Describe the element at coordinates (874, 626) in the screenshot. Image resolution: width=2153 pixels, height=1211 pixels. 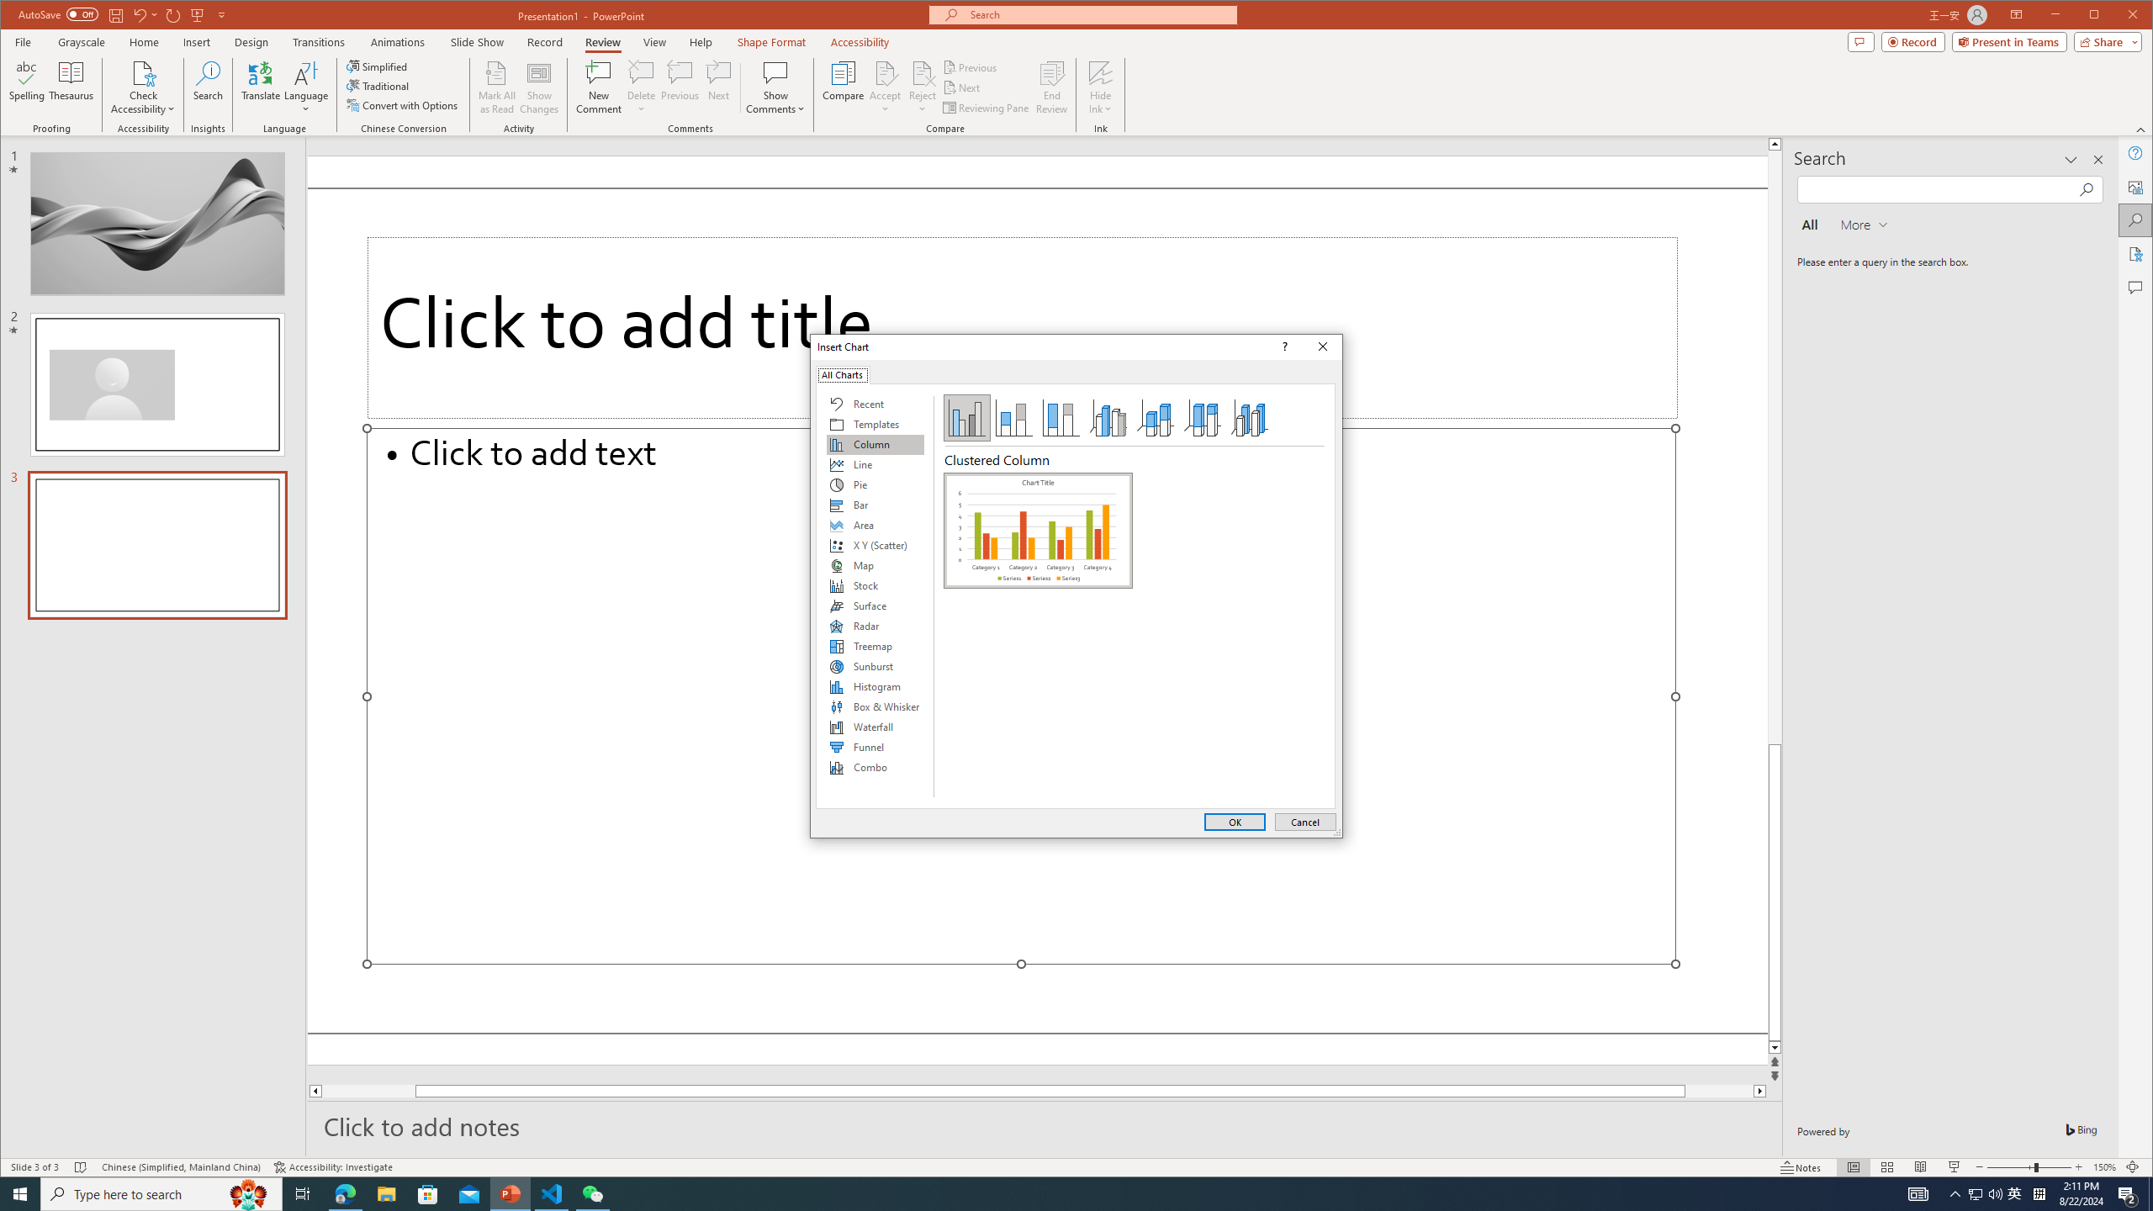
I see `'Radar'` at that location.